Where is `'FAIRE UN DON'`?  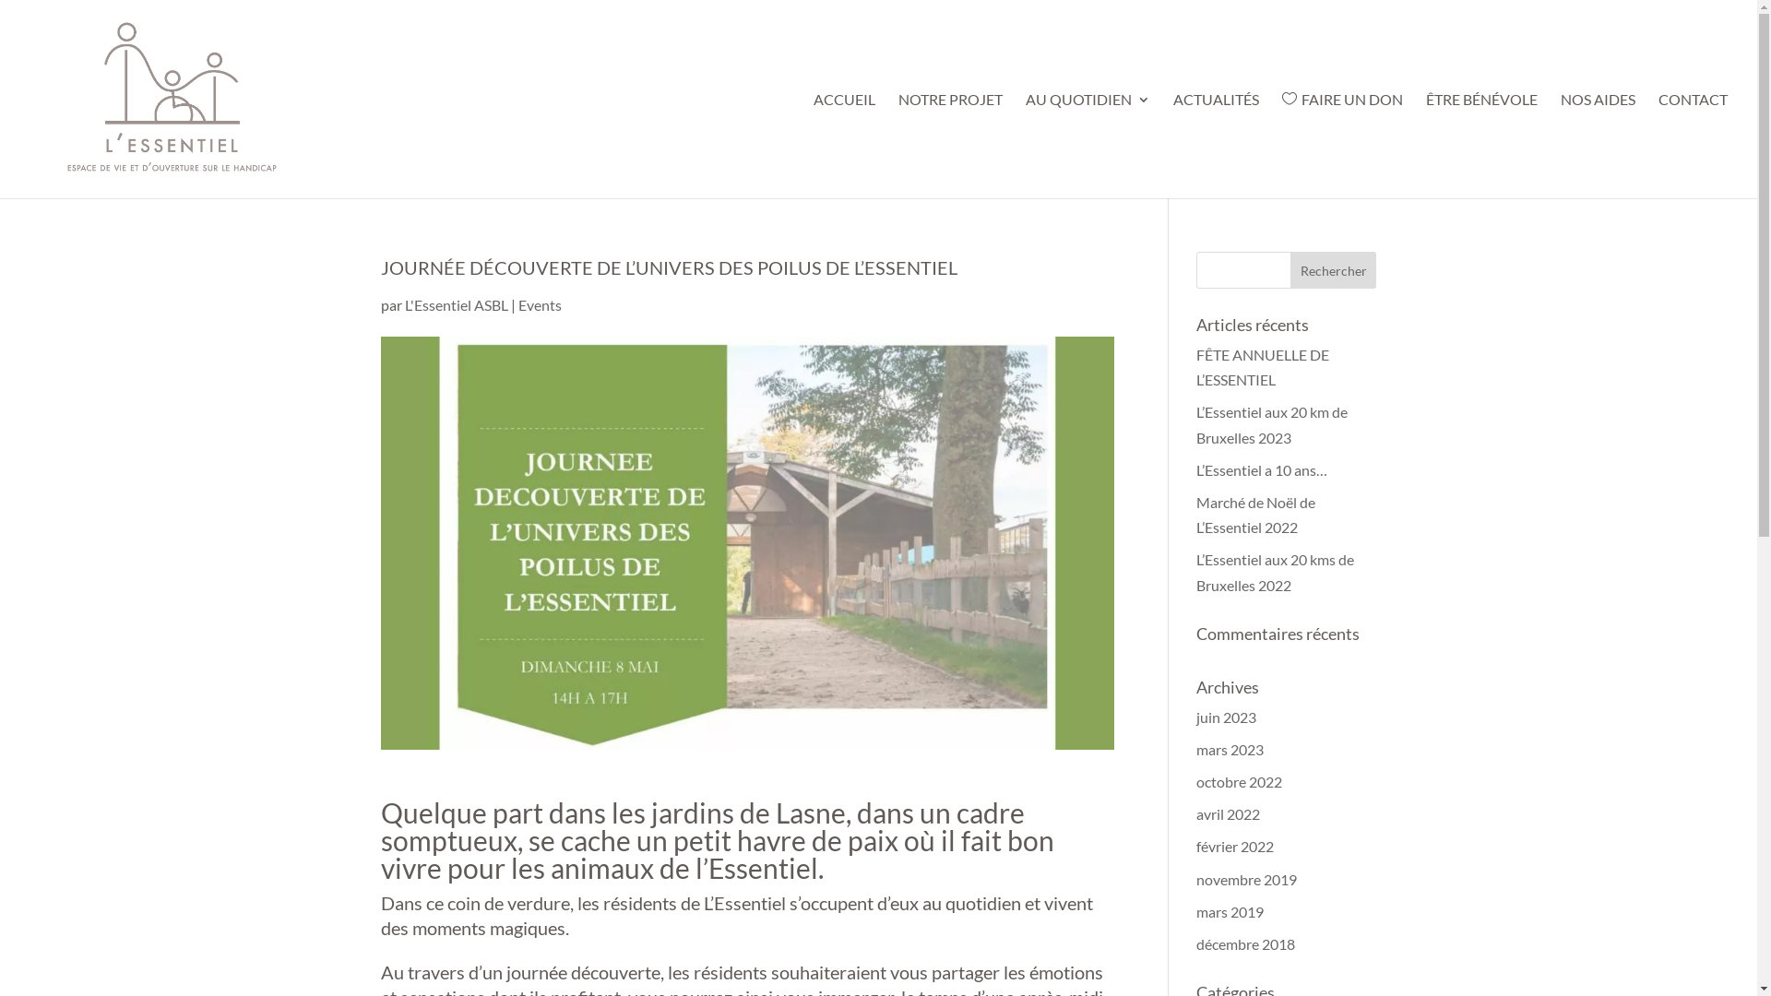 'FAIRE UN DON' is located at coordinates (1342, 144).